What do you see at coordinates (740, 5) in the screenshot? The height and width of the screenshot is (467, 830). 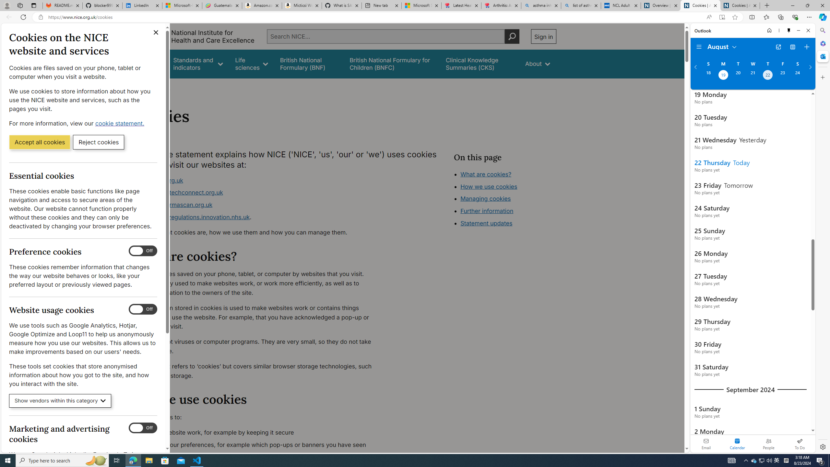 I see `'Cookies | About | NICE'` at bounding box center [740, 5].